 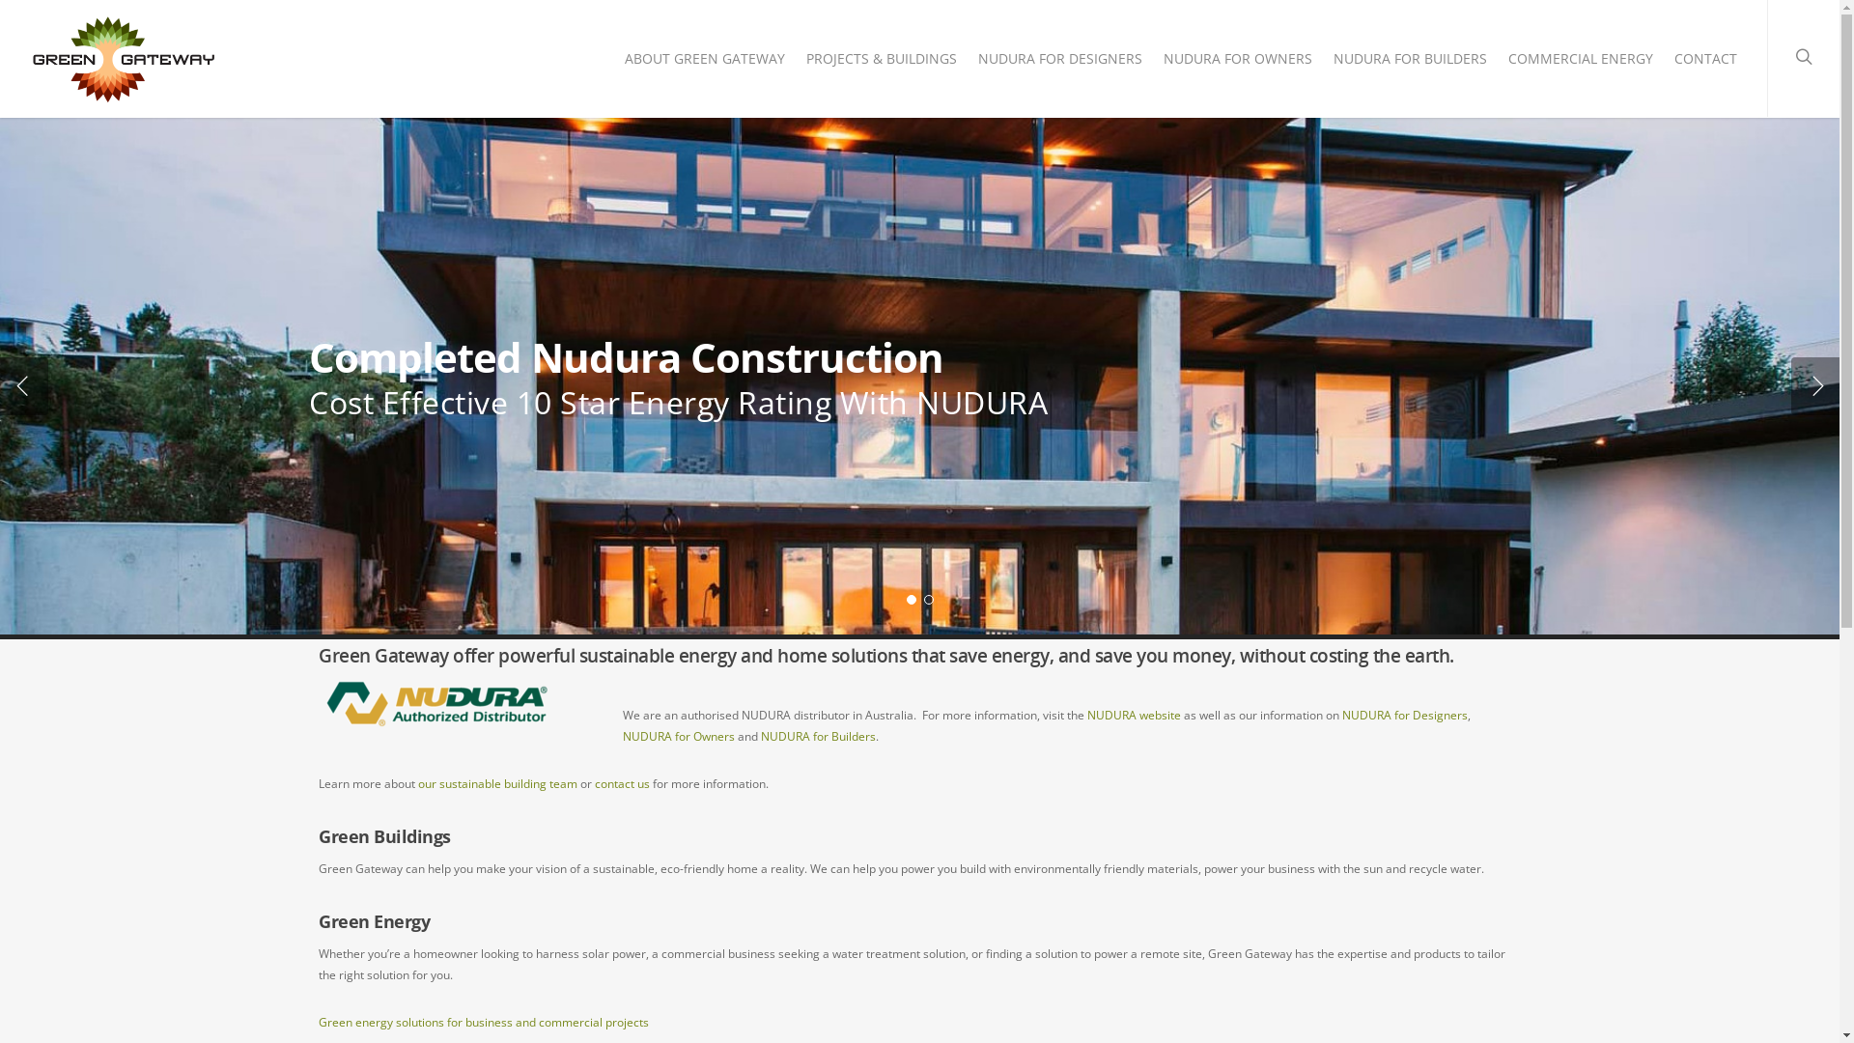 What do you see at coordinates (880, 62) in the screenshot?
I see `'PROJECTS & BUILDINGS'` at bounding box center [880, 62].